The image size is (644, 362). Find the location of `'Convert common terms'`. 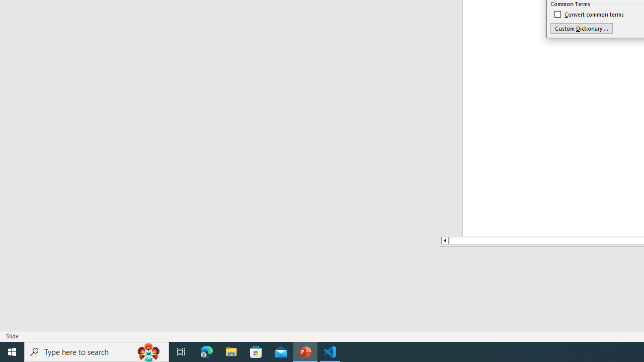

'Convert common terms' is located at coordinates (589, 14).